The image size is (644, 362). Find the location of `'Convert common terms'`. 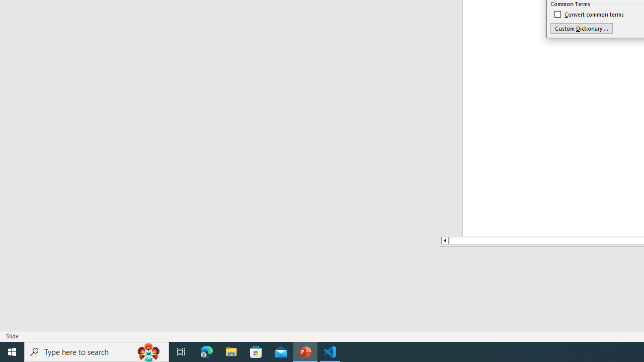

'Convert common terms' is located at coordinates (589, 14).